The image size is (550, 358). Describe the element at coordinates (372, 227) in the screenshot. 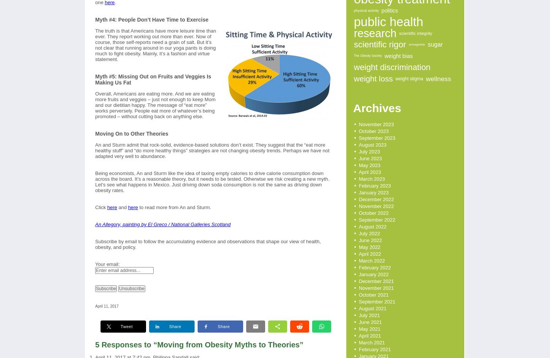

I see `'August 2022'` at that location.